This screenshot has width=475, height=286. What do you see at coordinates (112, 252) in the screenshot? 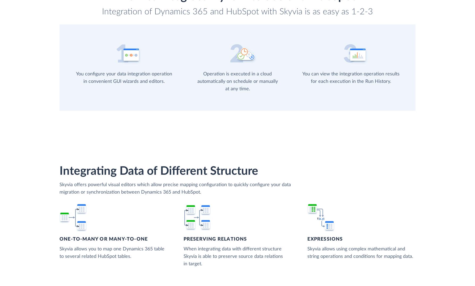
I see `'Skyvia allows you to map one Dynamics 365 table to several related HubSpot tables.'` at bounding box center [112, 252].